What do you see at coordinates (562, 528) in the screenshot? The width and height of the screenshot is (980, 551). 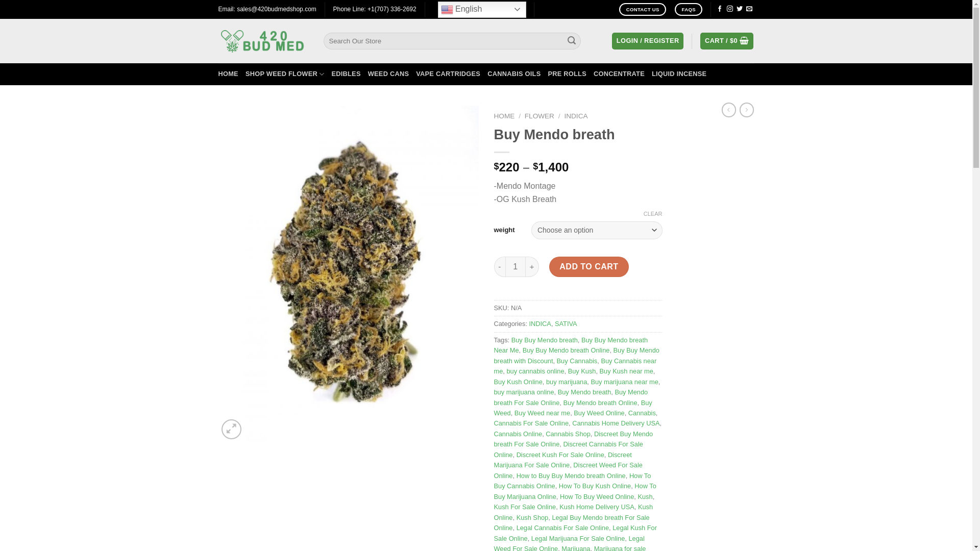 I see `'Legal Cannabis For Sale Online'` at bounding box center [562, 528].